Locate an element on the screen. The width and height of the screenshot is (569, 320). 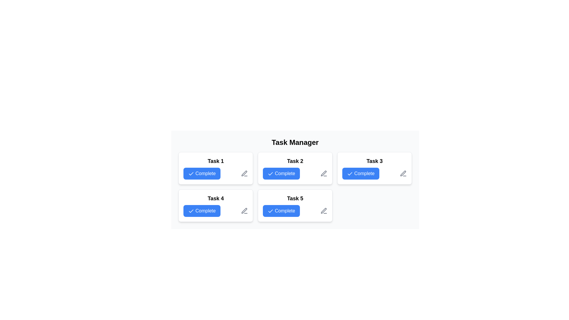
the text label displaying 'Task 5' at the top of the 'Task 5 Complete' card in the task grid is located at coordinates (295, 199).